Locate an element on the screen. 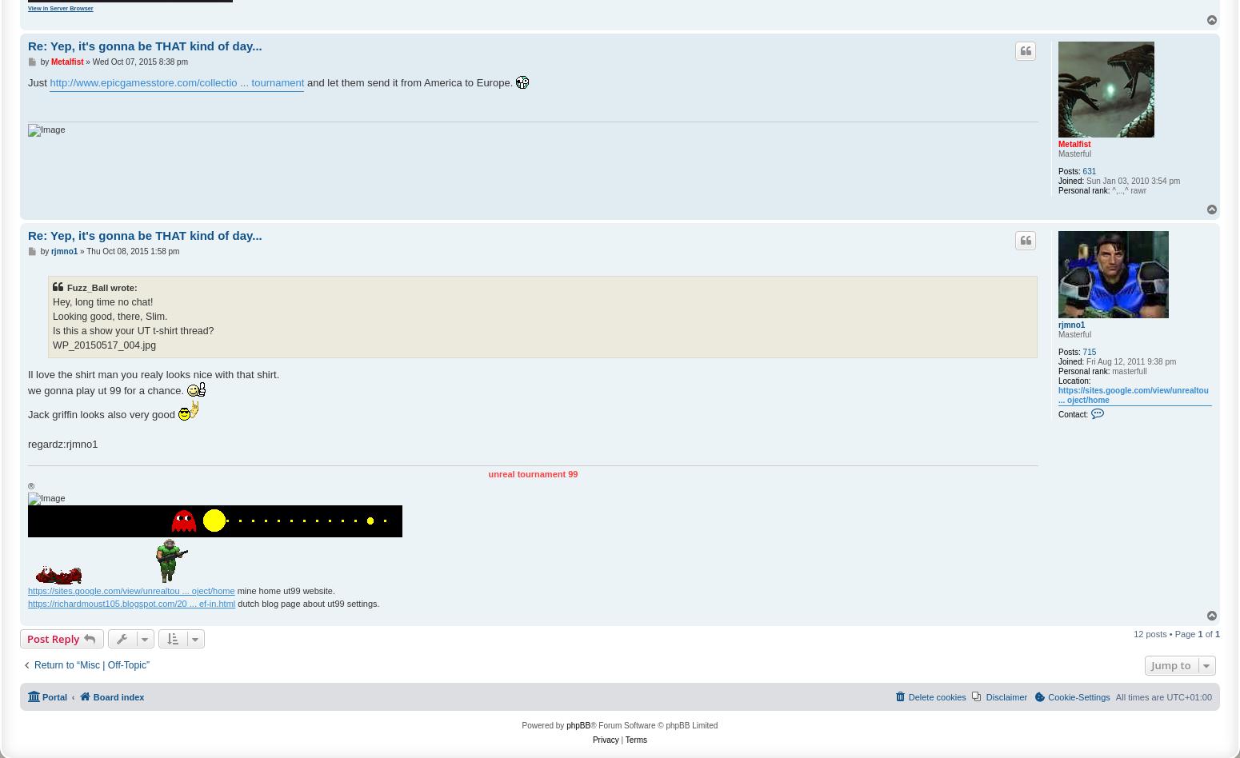 The image size is (1240, 758). 'Wed Oct 07, 2015 8:38 pm' is located at coordinates (138, 62).